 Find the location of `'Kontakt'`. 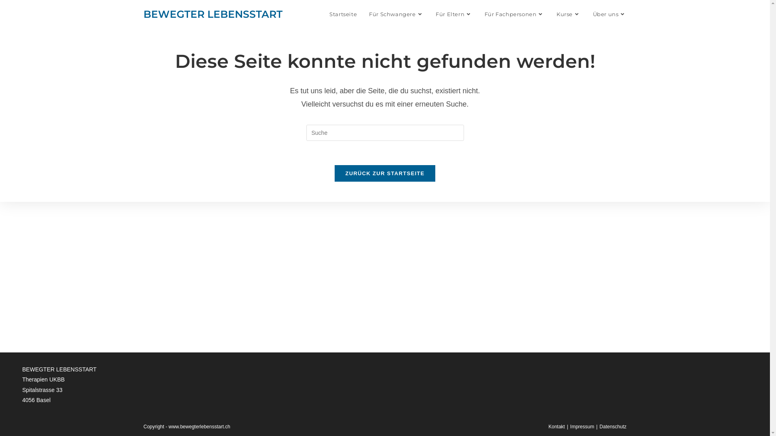

'Kontakt' is located at coordinates (556, 426).